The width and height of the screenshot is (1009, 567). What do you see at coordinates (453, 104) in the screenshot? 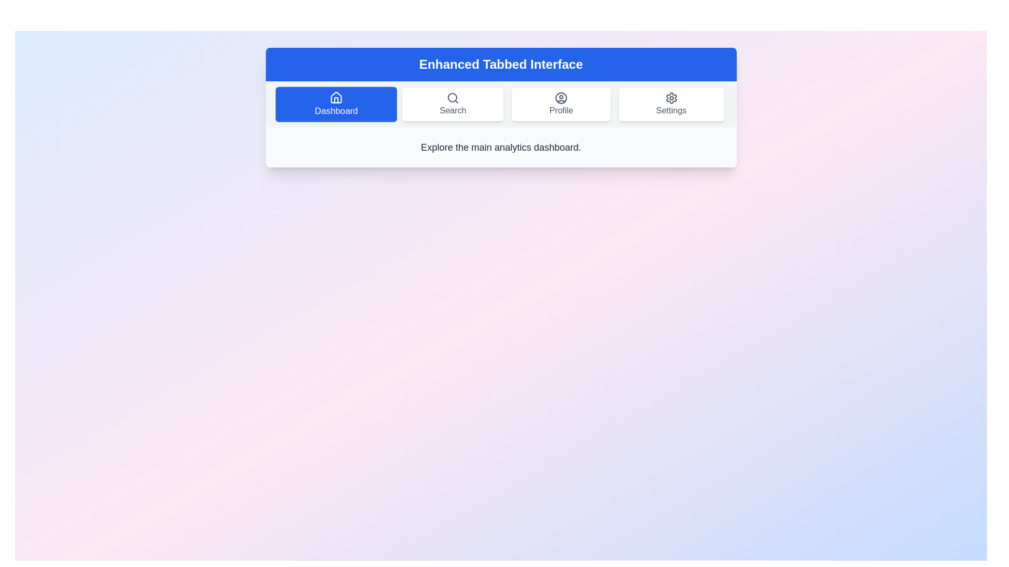
I see `the Interactive navigation button, which is the second tab in the upper tabbed navigation bar, to potentially display a tooltip` at bounding box center [453, 104].